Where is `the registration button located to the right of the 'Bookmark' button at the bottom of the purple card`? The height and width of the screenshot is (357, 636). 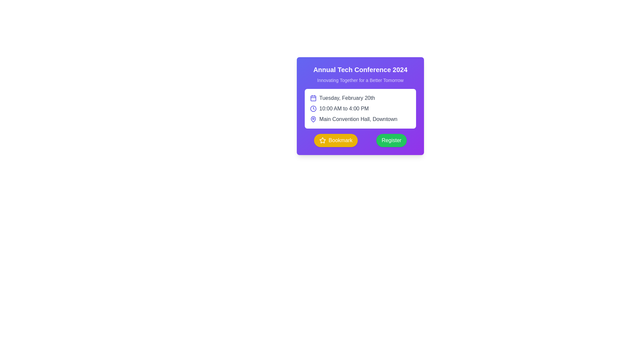
the registration button located to the right of the 'Bookmark' button at the bottom of the purple card is located at coordinates (392, 140).